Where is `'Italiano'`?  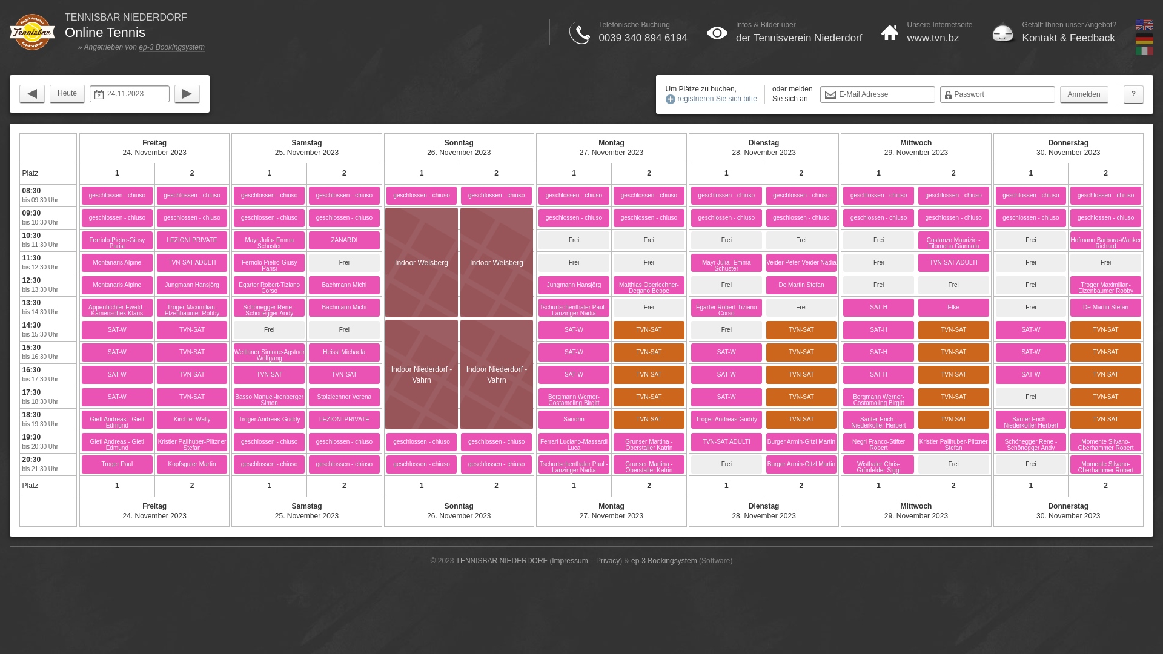 'Italiano' is located at coordinates (1144, 56).